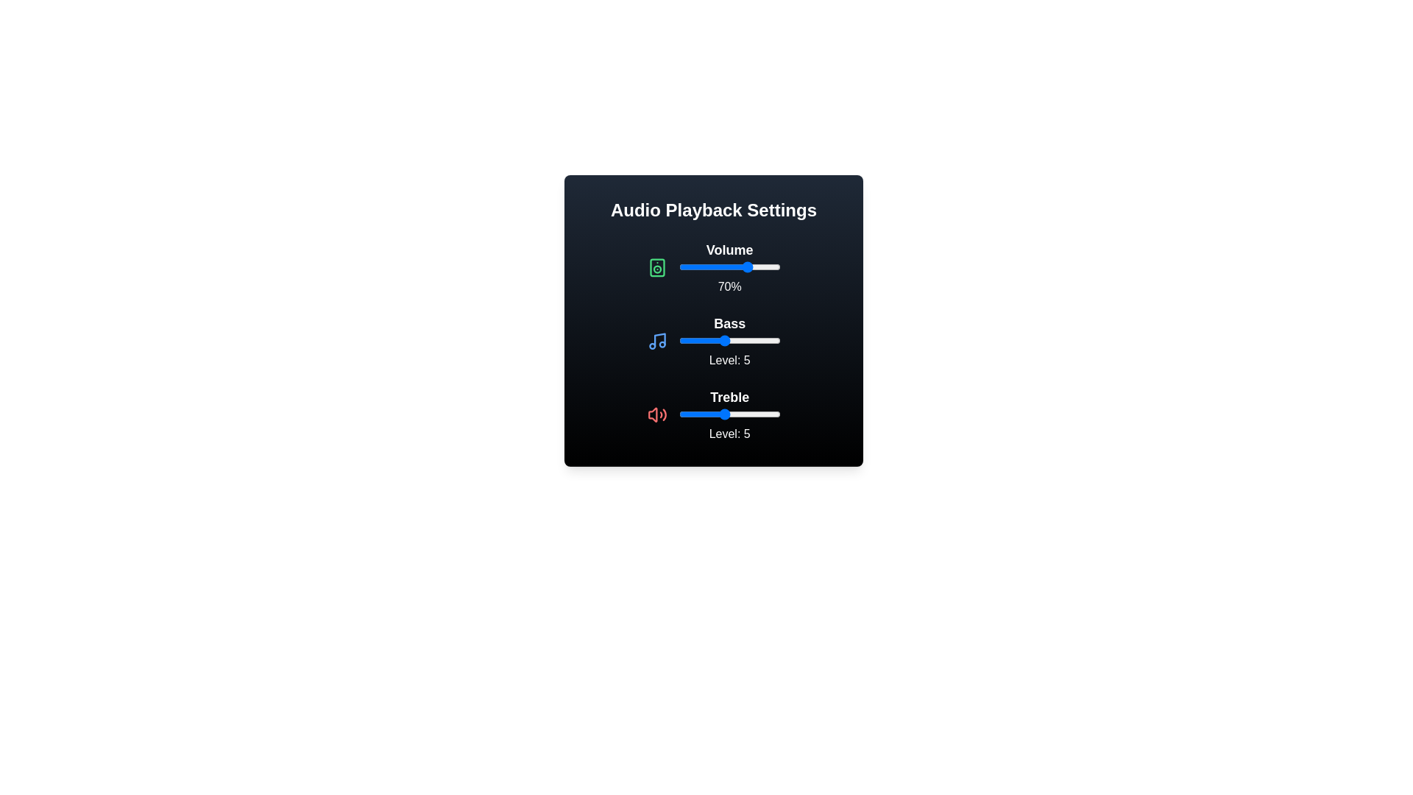  What do you see at coordinates (656, 267) in the screenshot?
I see `the graphical speaker icon element representing the volume setting in the audio settings interface, which is located centrally within its bounding box` at bounding box center [656, 267].